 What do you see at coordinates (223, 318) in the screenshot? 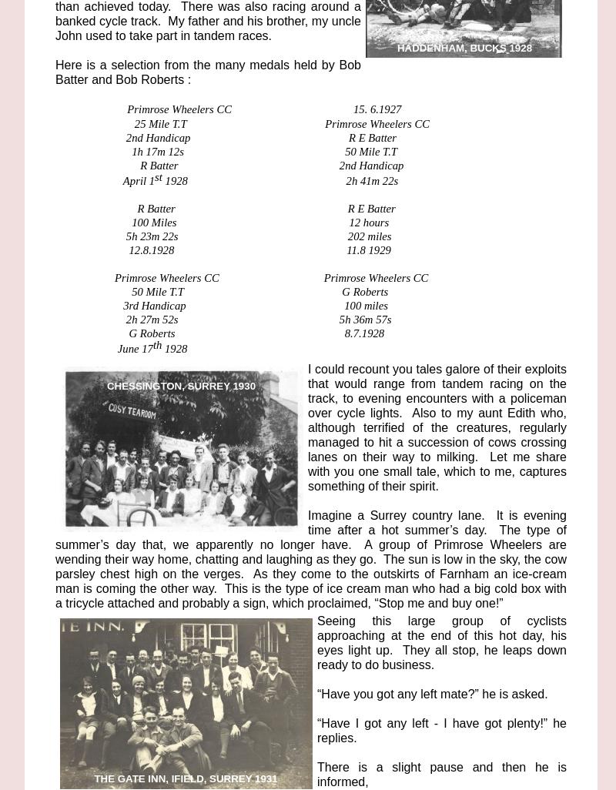
I see `'2h 27m 52s                                                         5h 36m 57s'` at bounding box center [223, 318].